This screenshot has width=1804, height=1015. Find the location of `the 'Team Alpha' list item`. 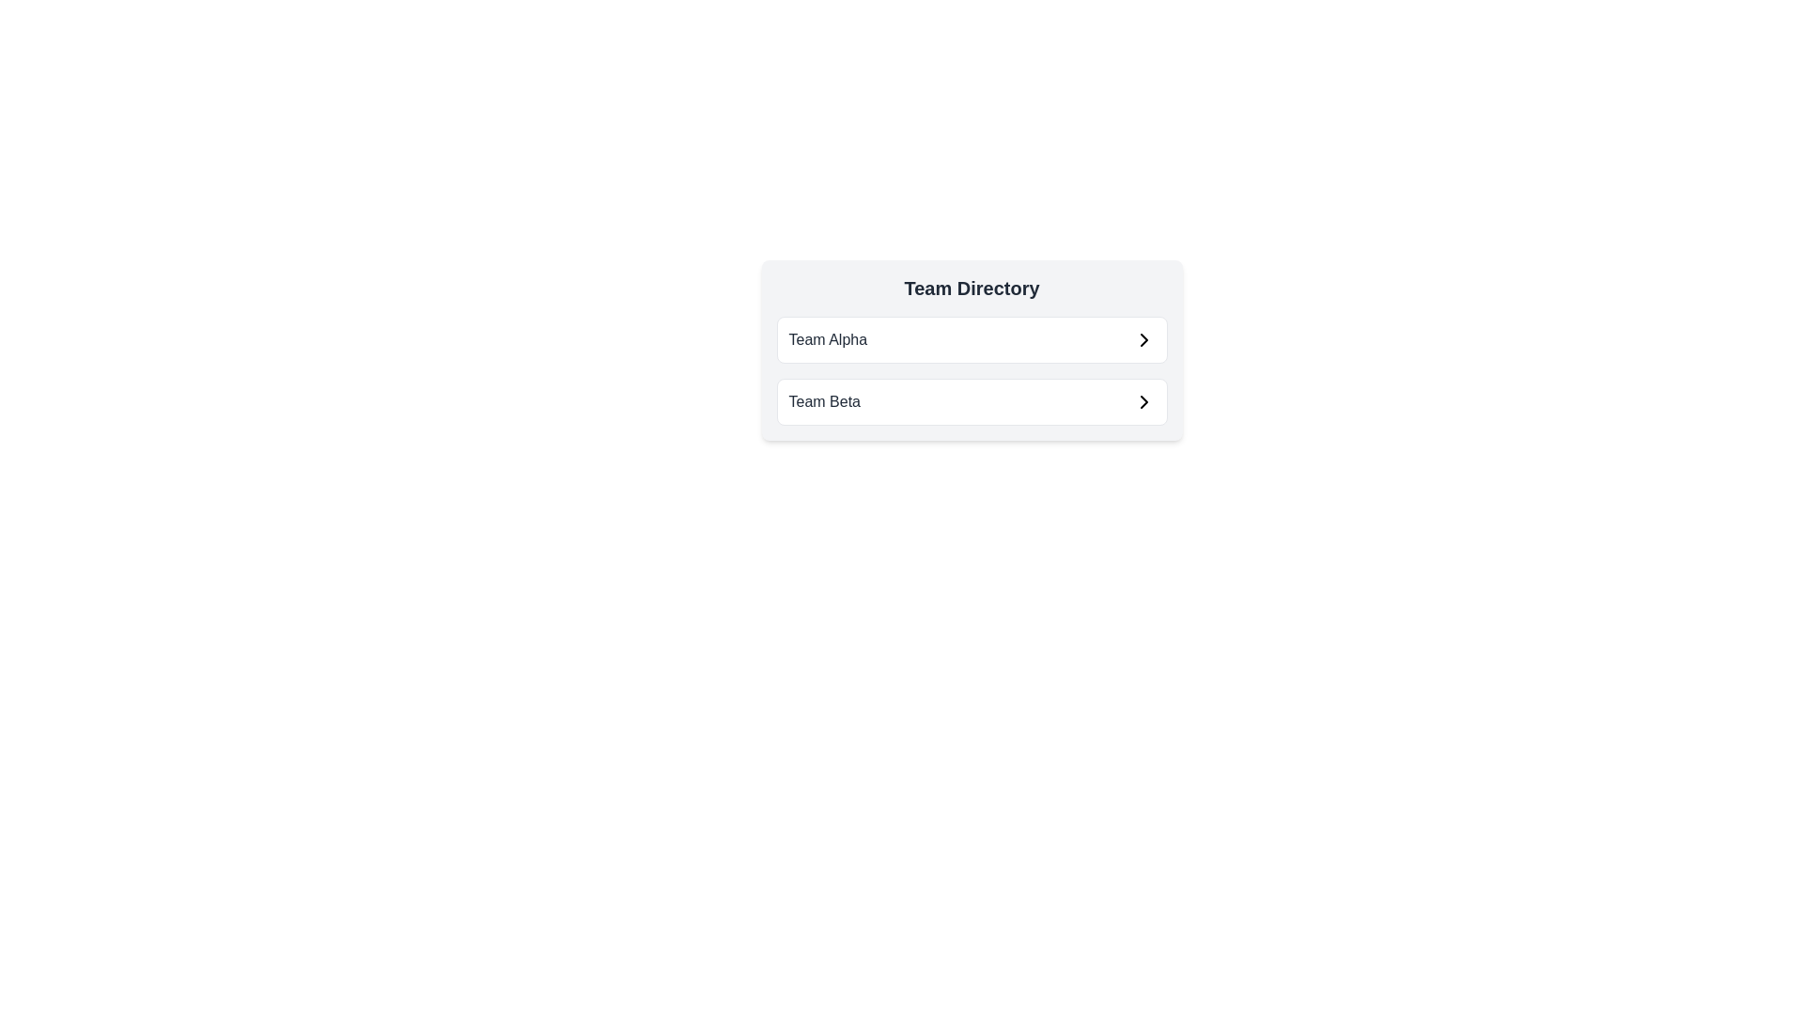

the 'Team Alpha' list item is located at coordinates (972, 340).